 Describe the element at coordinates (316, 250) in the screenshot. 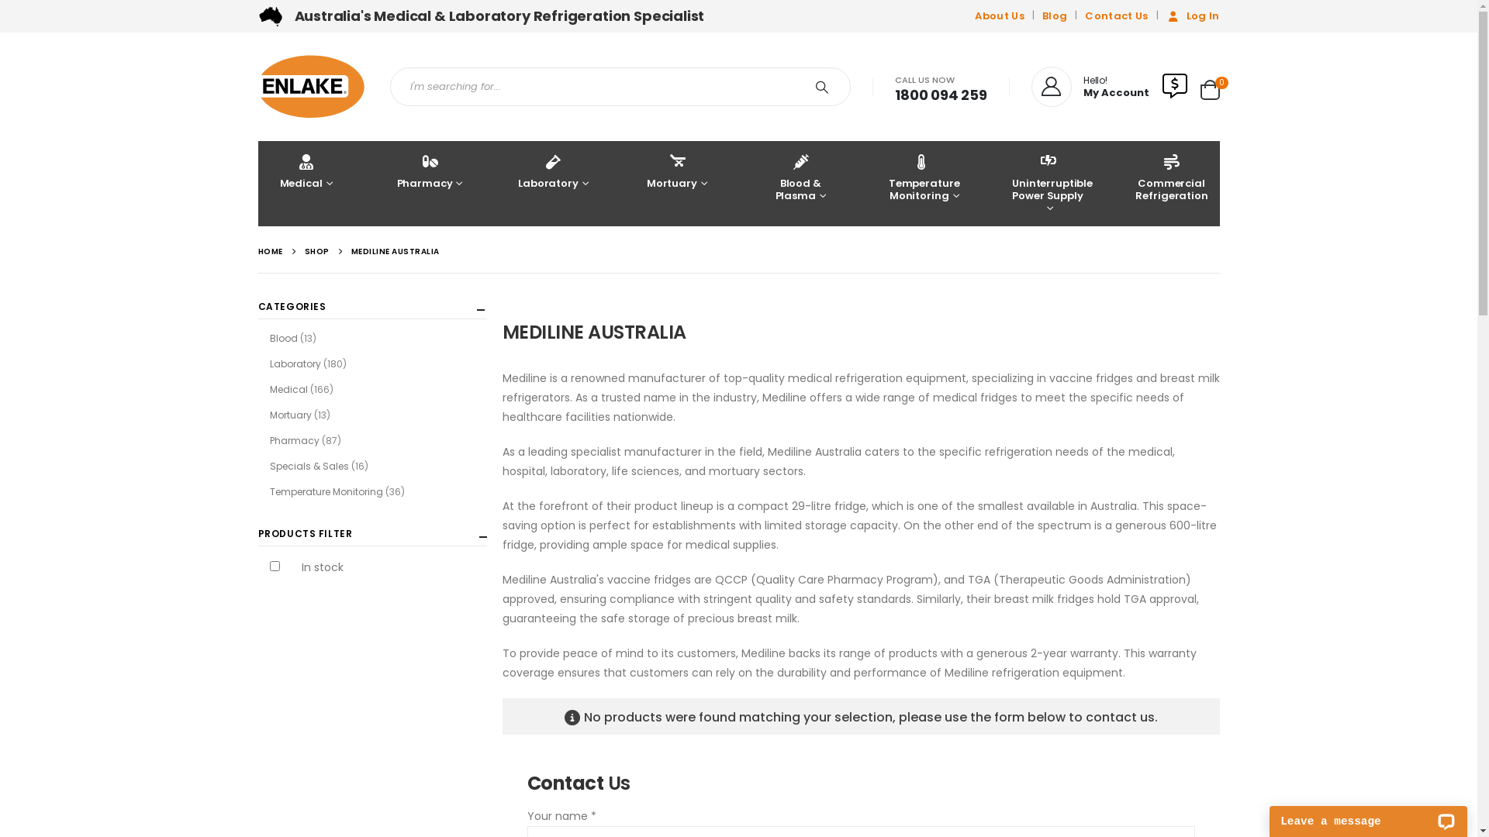

I see `'SHOP'` at that location.